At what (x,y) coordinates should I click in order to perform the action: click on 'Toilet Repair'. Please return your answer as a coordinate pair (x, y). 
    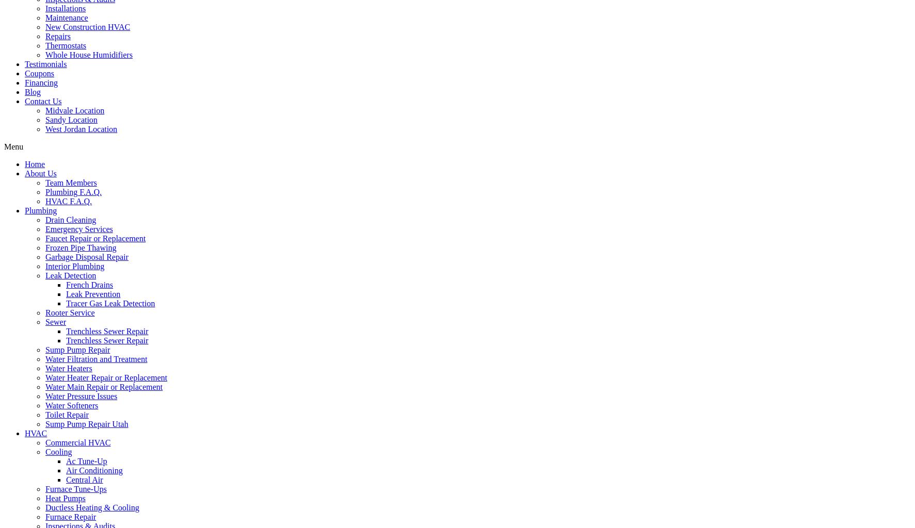
    Looking at the image, I should click on (67, 414).